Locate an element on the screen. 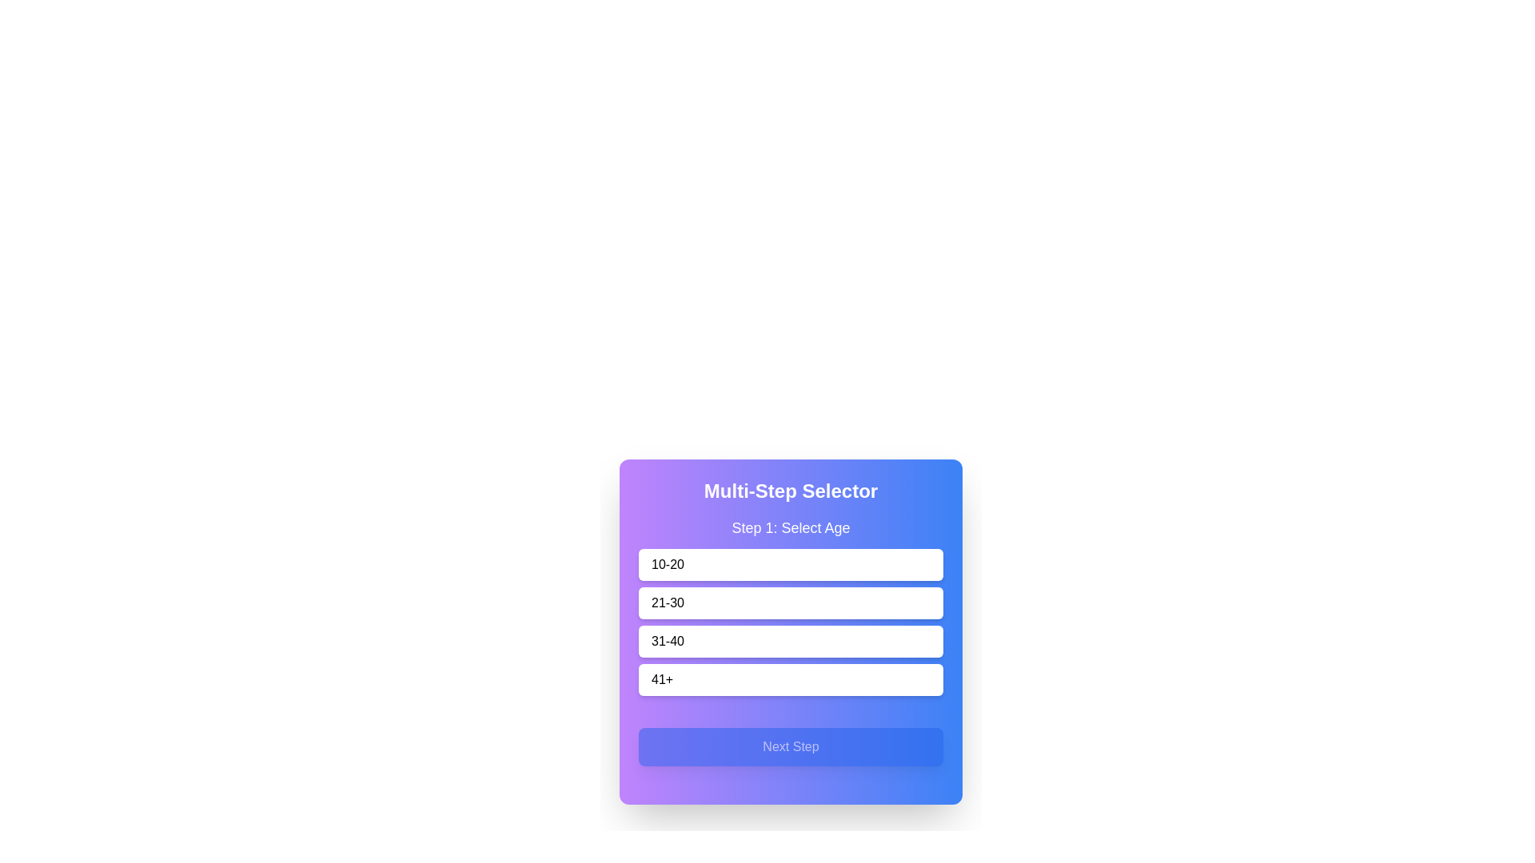 This screenshot has height=863, width=1535. the age range selection button for '10-20', which is the first option in the vertically stacked group of age range buttons is located at coordinates (791, 563).